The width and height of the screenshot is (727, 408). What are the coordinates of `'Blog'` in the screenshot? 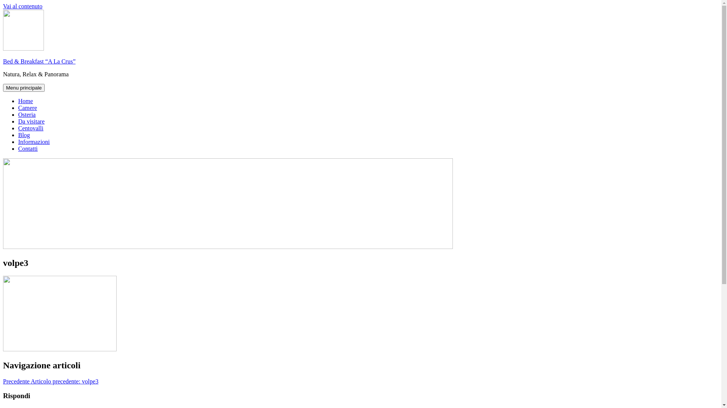 It's located at (24, 134).